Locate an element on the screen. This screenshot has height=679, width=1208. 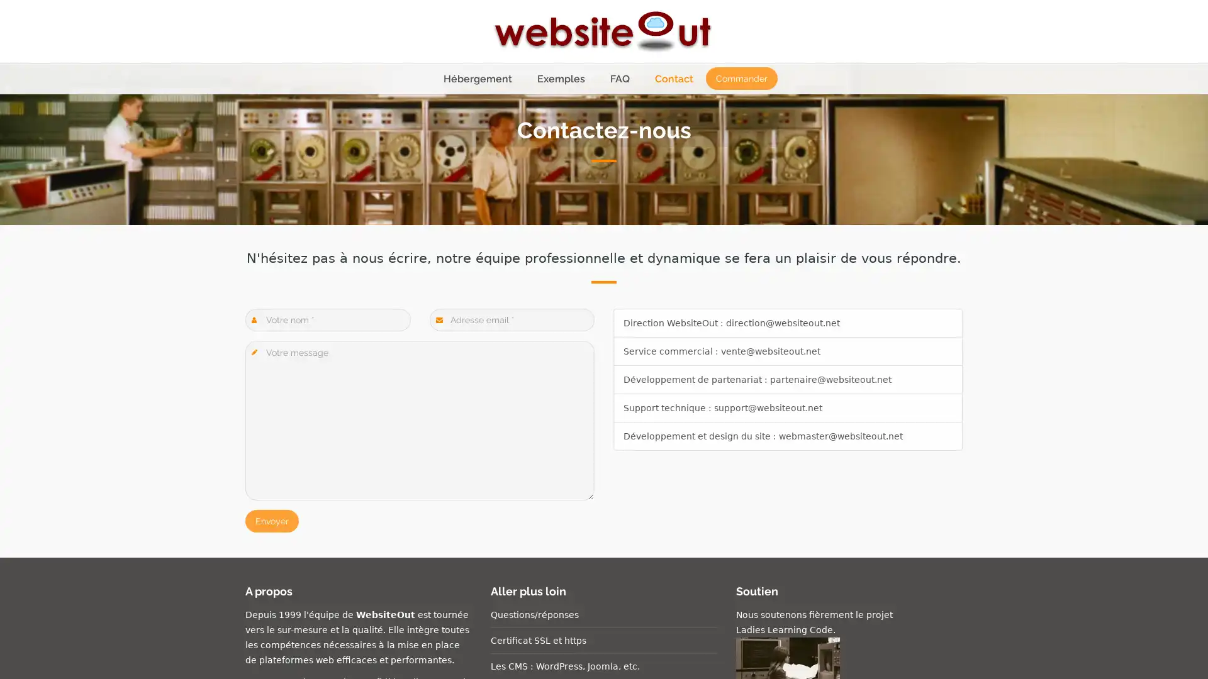
Envoyer is located at coordinates (271, 521).